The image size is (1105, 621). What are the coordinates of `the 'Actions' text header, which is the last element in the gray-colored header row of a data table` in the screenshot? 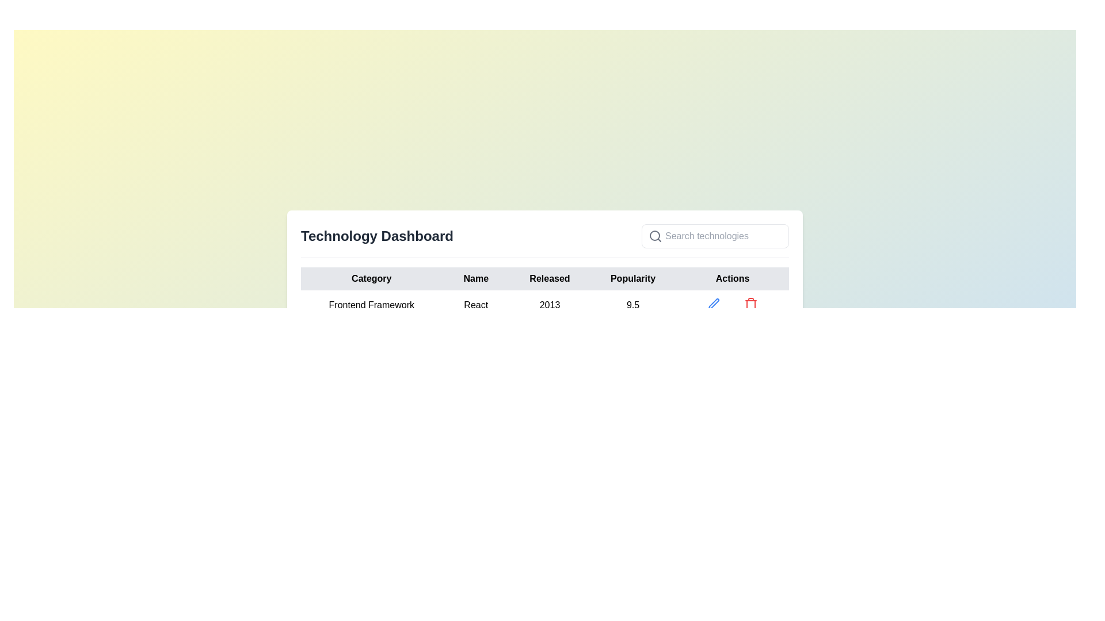 It's located at (731, 279).